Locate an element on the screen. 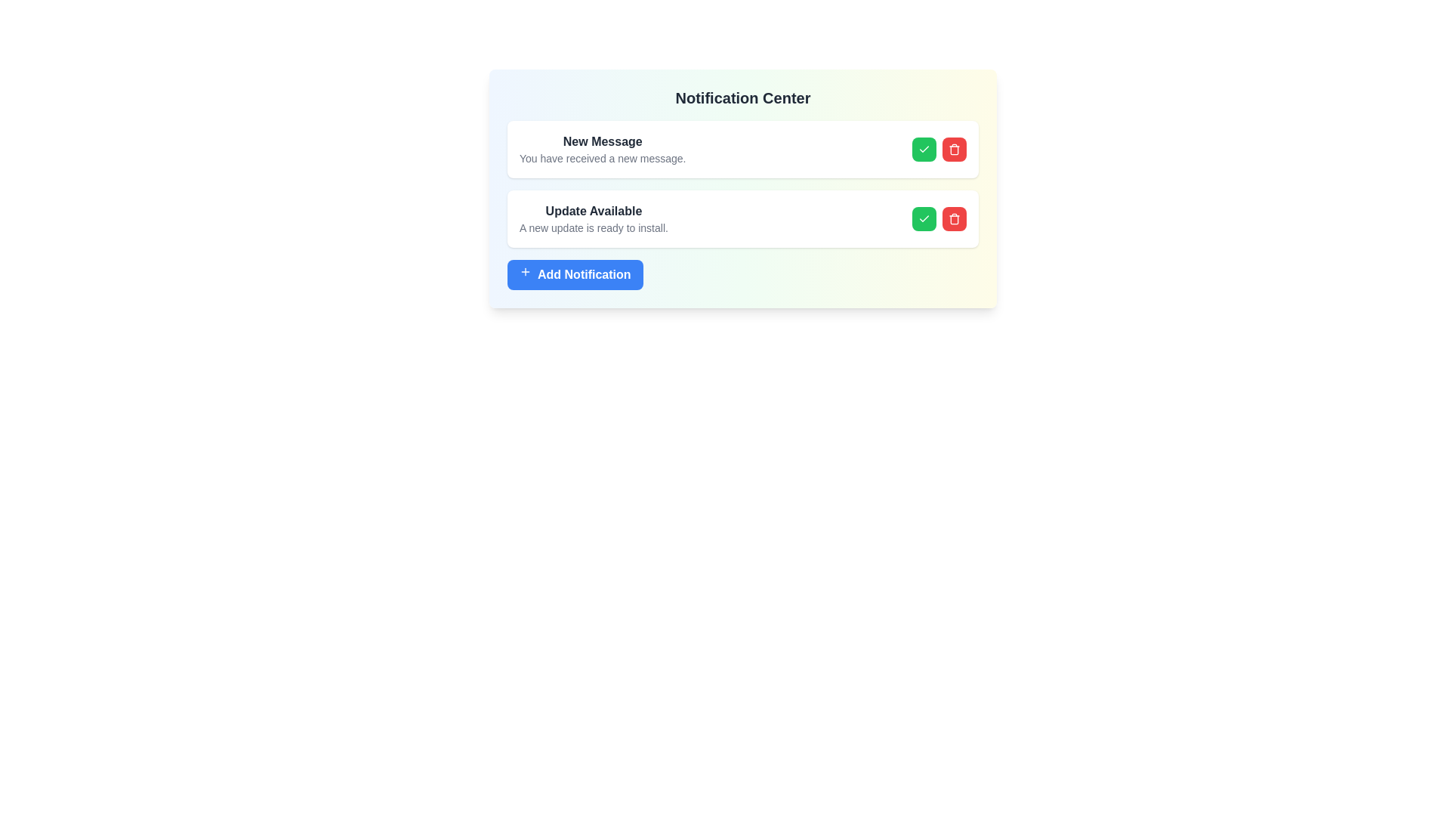  the addition icon located to the left of the 'Add Notification' button at the bottom of the interface is located at coordinates (526, 270).